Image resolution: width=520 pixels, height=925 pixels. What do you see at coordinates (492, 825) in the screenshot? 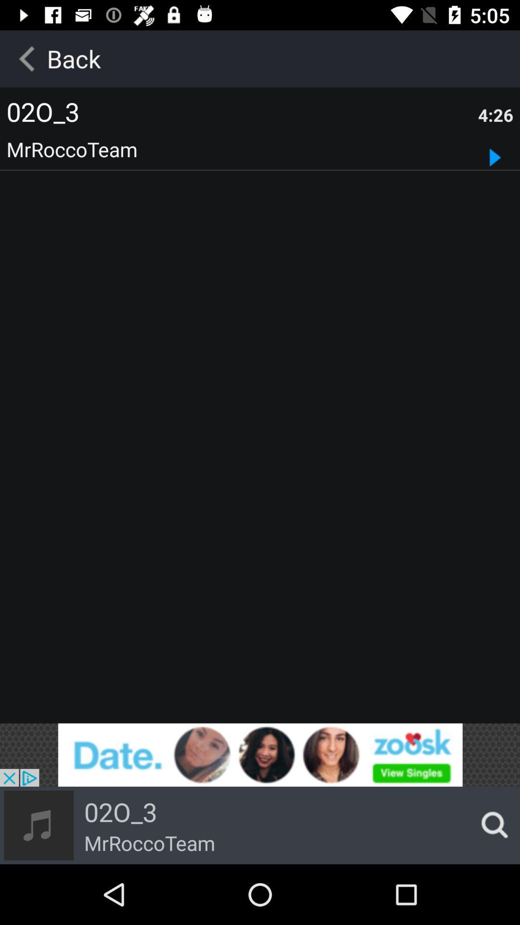
I see `search` at bounding box center [492, 825].